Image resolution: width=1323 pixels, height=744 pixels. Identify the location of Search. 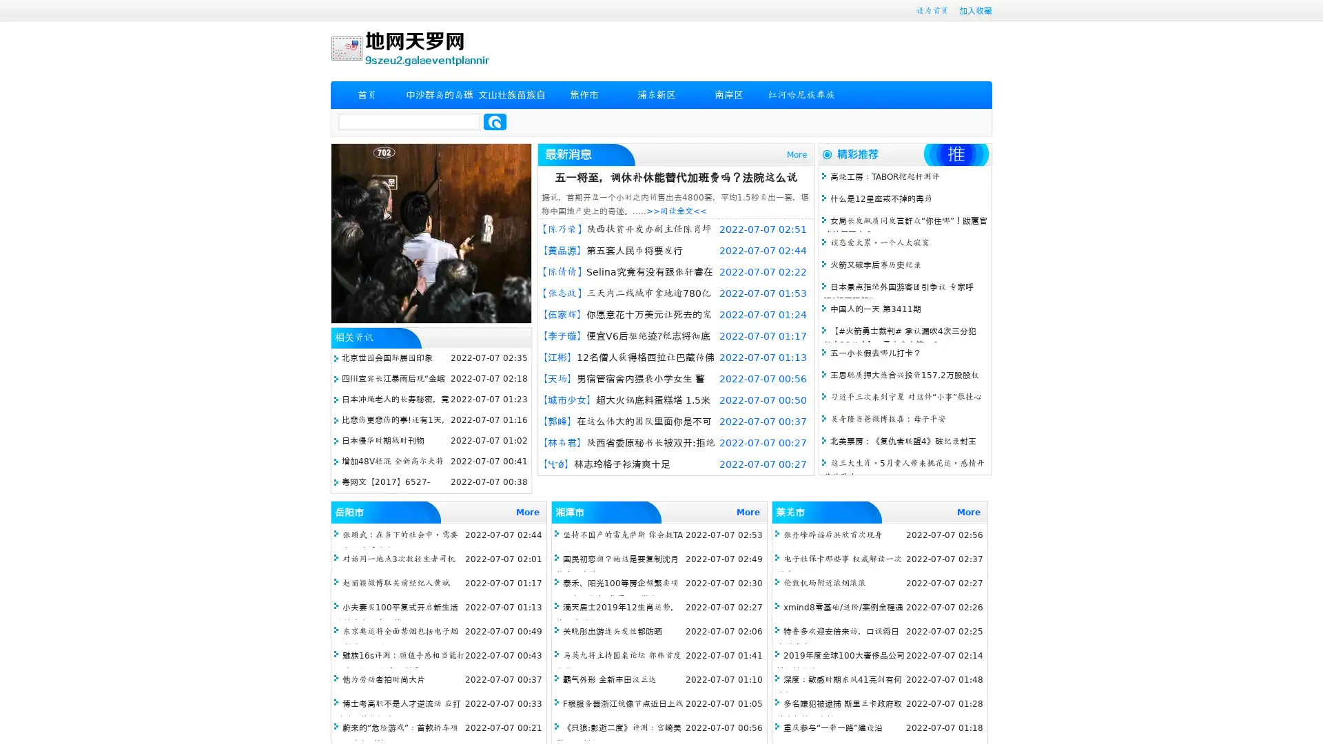
(495, 121).